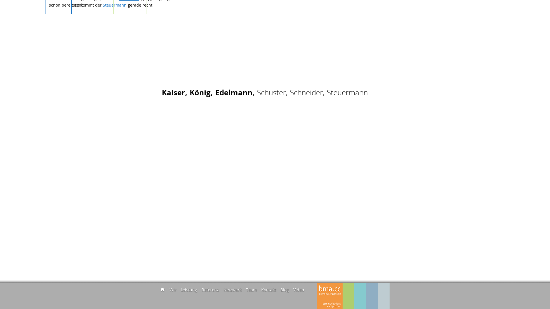 The image size is (550, 309). Describe the element at coordinates (251, 290) in the screenshot. I see `'Team'` at that location.